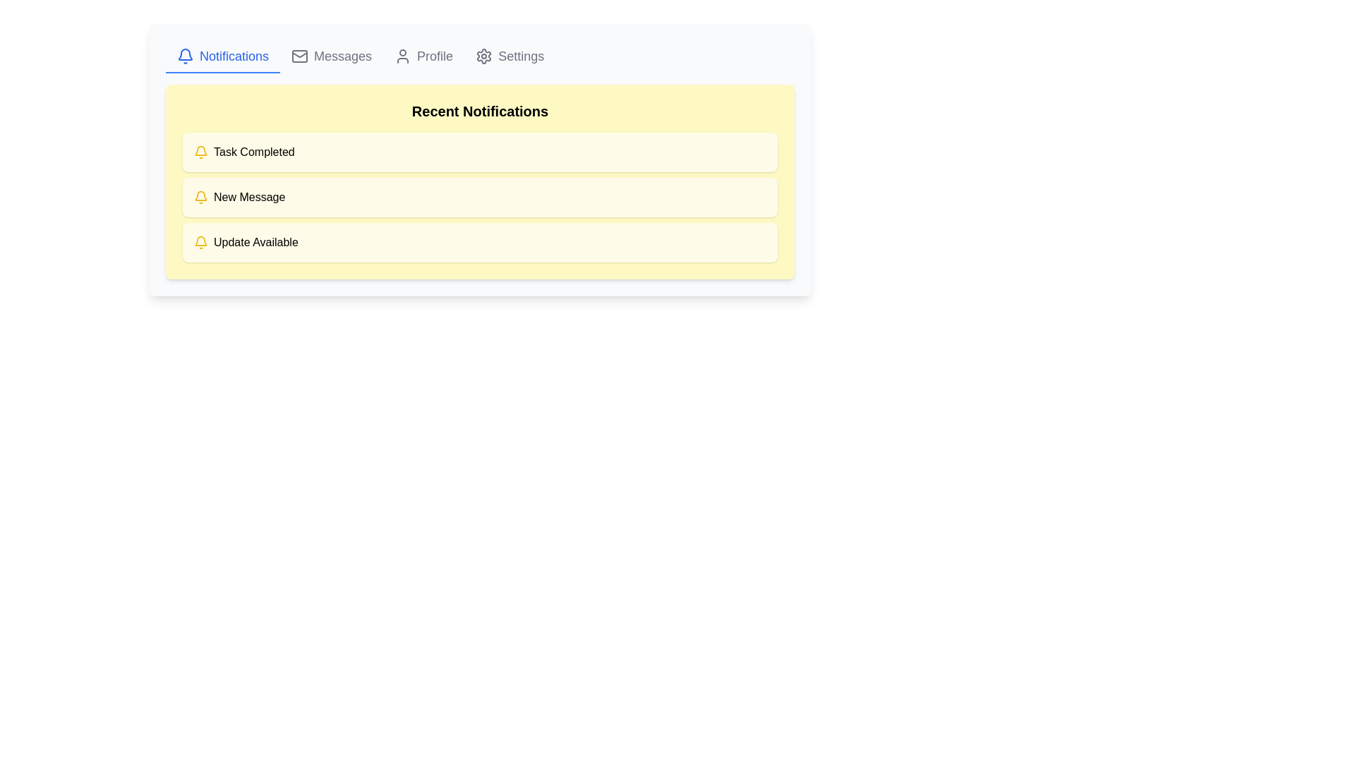  What do you see at coordinates (509, 56) in the screenshot?
I see `the 'Settings' button` at bounding box center [509, 56].